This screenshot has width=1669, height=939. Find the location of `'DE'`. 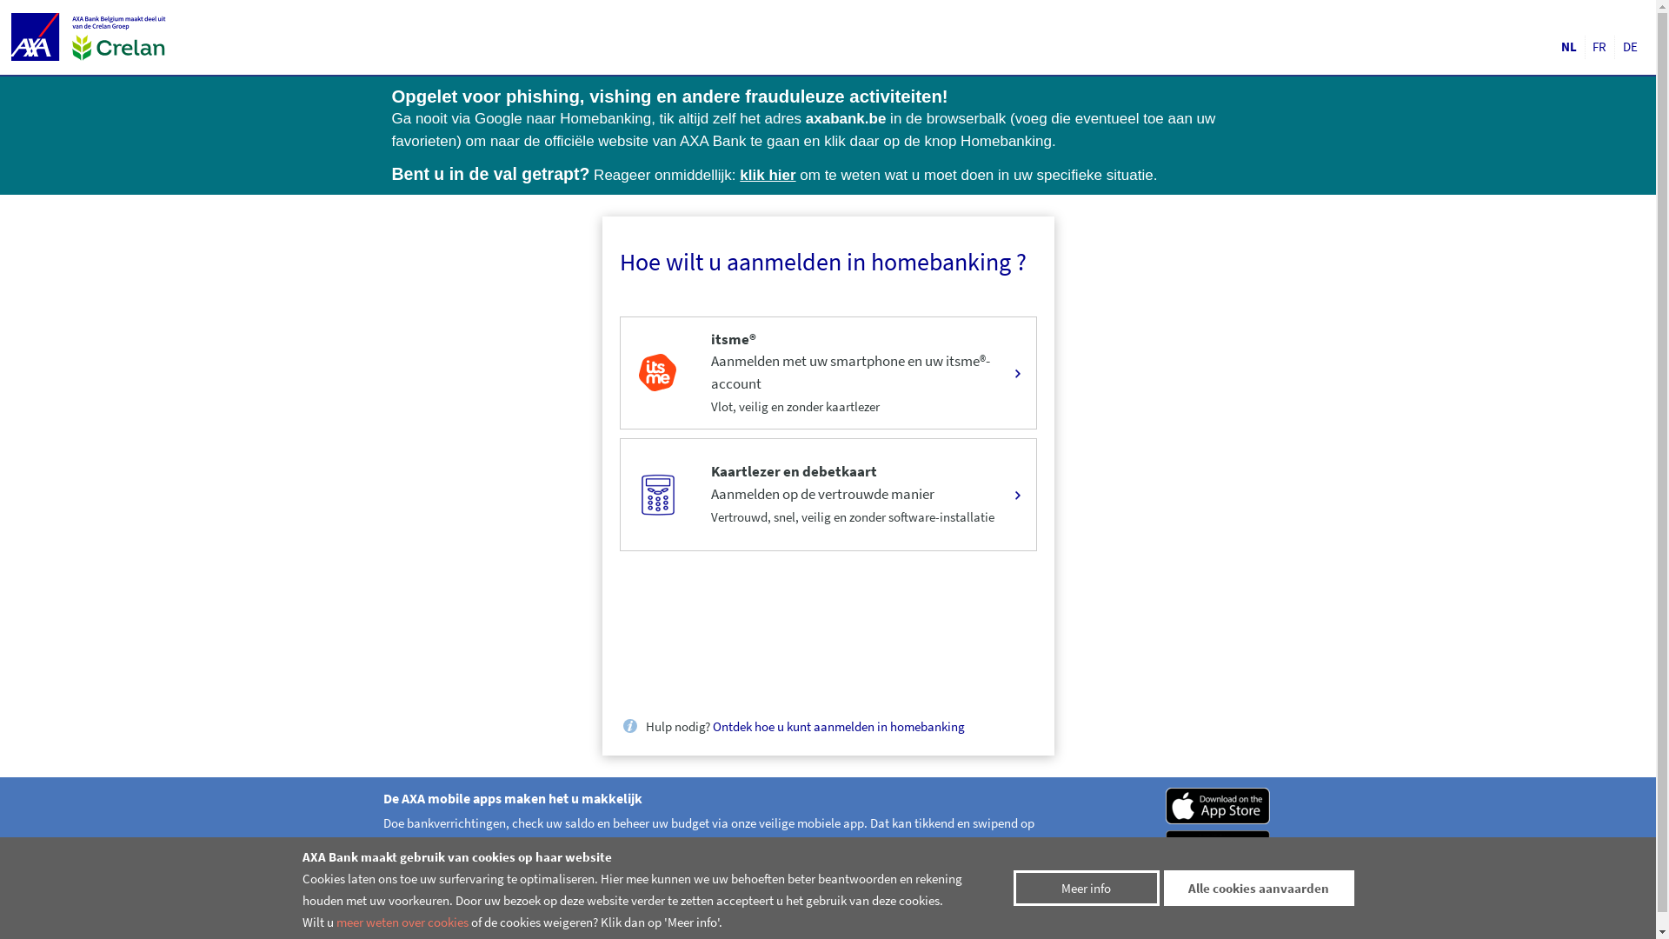

'DE' is located at coordinates (1629, 46).